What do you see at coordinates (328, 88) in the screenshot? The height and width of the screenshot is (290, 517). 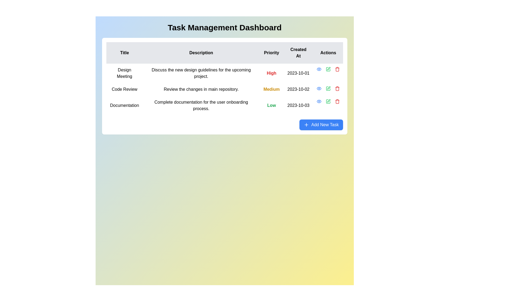 I see `the pen icon in the 'Actions' column of the second row` at bounding box center [328, 88].